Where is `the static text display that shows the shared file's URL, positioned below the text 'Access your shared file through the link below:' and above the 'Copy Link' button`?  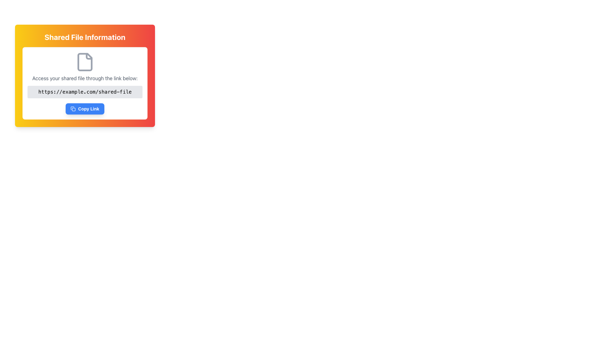 the static text display that shows the shared file's URL, positioned below the text 'Access your shared file through the link below:' and above the 'Copy Link' button is located at coordinates (85, 92).